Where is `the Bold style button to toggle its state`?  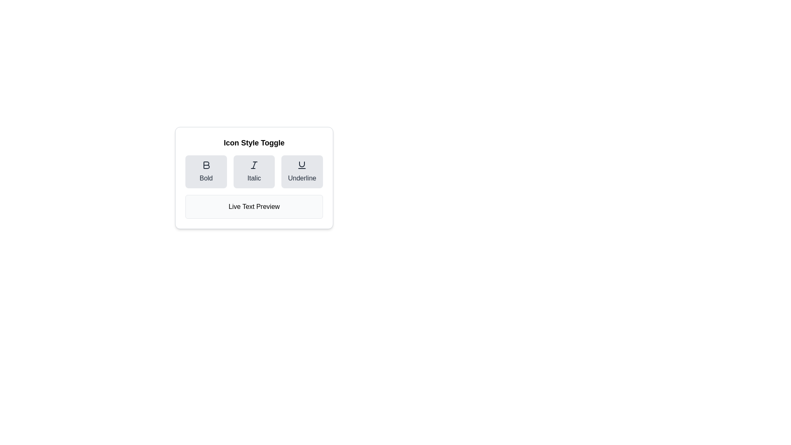 the Bold style button to toggle its state is located at coordinates (206, 171).